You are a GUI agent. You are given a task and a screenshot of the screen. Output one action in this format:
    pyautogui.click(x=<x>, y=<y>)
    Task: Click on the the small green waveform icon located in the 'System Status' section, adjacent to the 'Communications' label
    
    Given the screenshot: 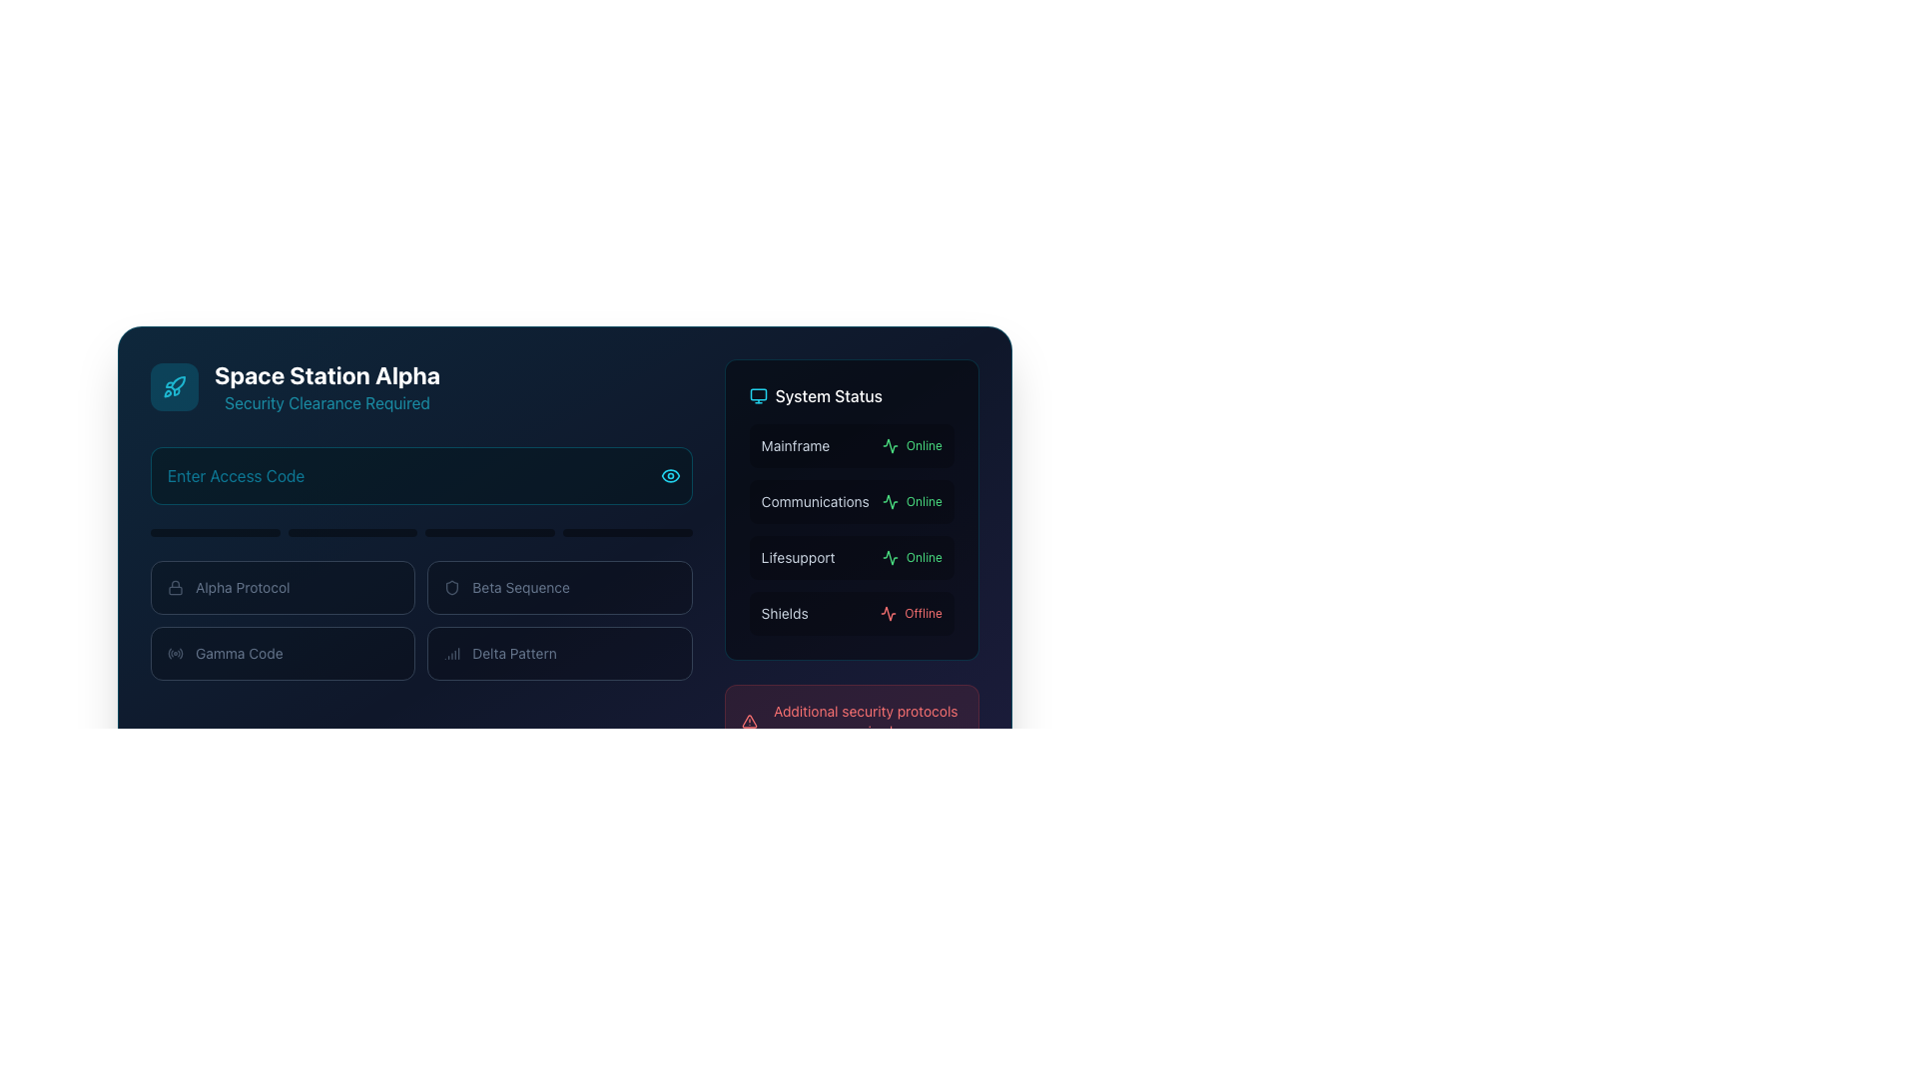 What is the action you would take?
    pyautogui.click(x=889, y=445)
    